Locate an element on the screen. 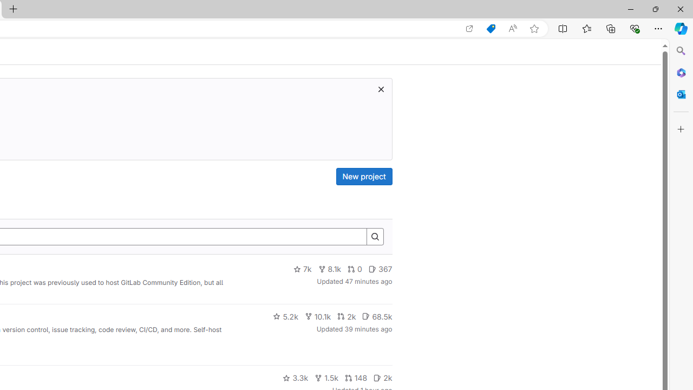 This screenshot has height=390, width=693. 'Open in app' is located at coordinates (469, 28).